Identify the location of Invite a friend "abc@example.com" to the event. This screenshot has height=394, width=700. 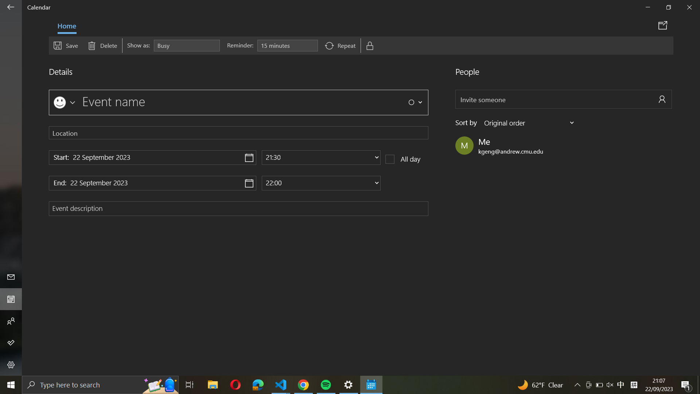
(563, 99).